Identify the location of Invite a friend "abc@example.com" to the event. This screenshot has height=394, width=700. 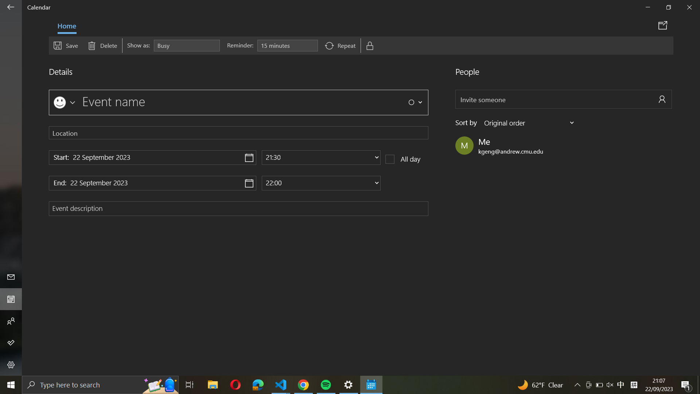
(563, 99).